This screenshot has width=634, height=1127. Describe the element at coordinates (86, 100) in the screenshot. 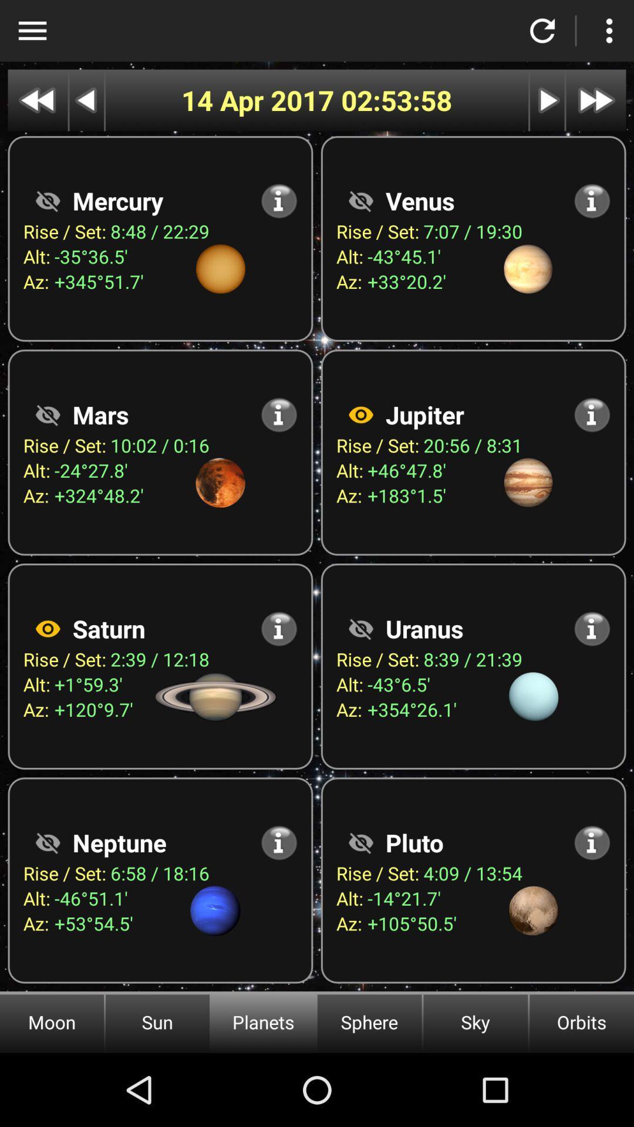

I see `go back` at that location.